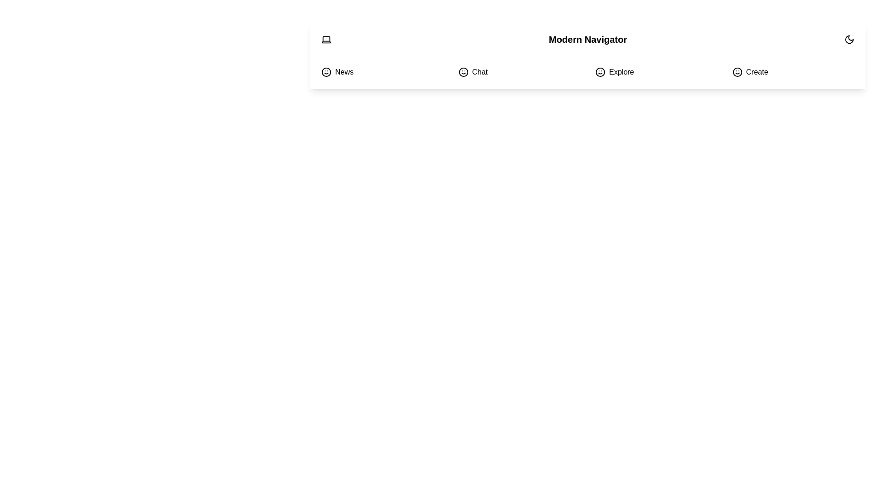 The height and width of the screenshot is (497, 884). I want to click on the theme toggle button to switch between dark and light modes, so click(849, 39).